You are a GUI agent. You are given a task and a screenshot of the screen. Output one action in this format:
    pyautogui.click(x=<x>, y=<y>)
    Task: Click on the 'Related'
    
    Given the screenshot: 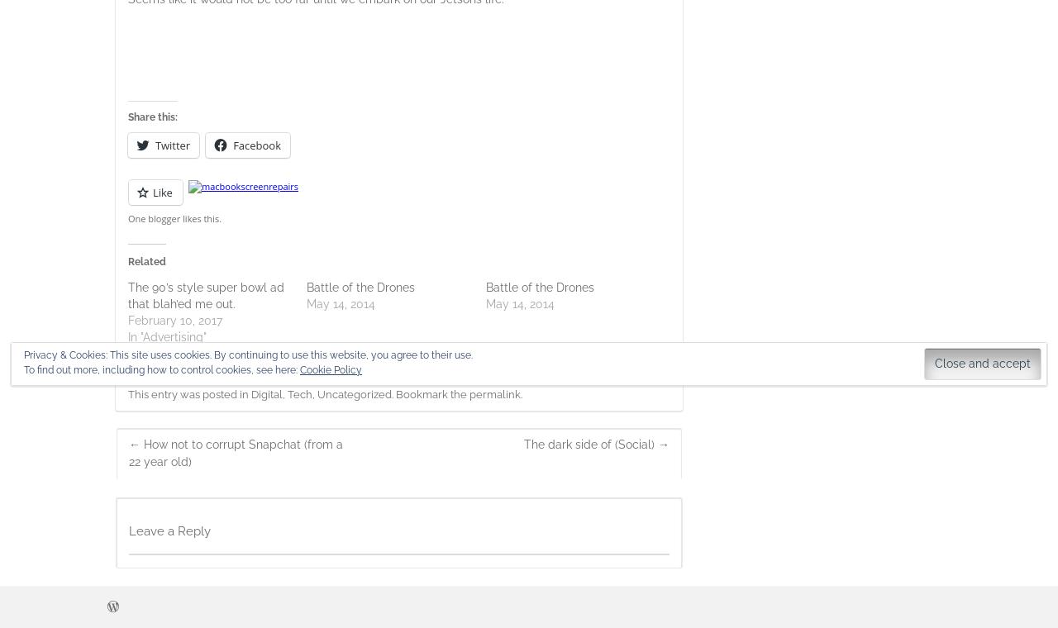 What is the action you would take?
    pyautogui.click(x=147, y=261)
    